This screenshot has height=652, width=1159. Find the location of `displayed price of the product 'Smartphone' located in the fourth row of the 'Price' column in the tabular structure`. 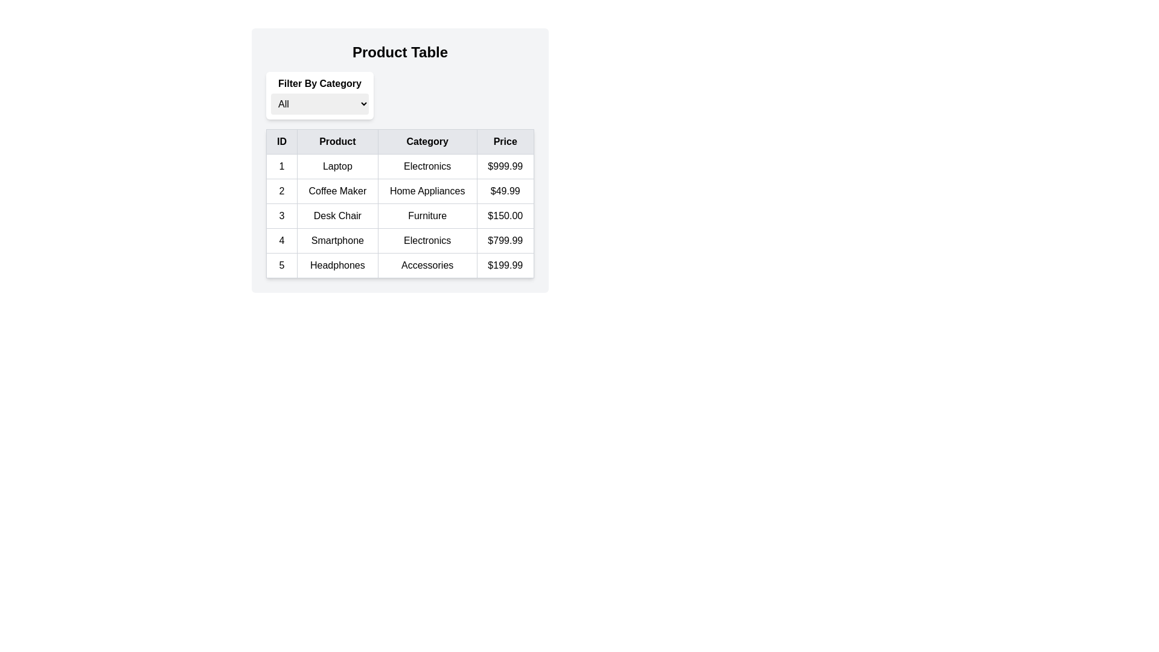

displayed price of the product 'Smartphone' located in the fourth row of the 'Price' column in the tabular structure is located at coordinates (505, 240).